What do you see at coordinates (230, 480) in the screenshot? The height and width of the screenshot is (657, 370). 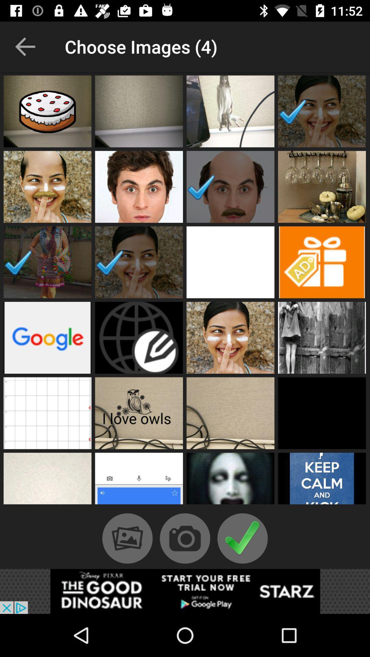 I see `image thumbnails` at bounding box center [230, 480].